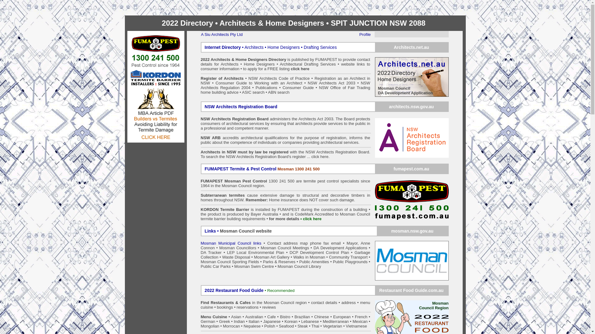  I want to click on 'NSW Architects Code of Practice', so click(280, 78).